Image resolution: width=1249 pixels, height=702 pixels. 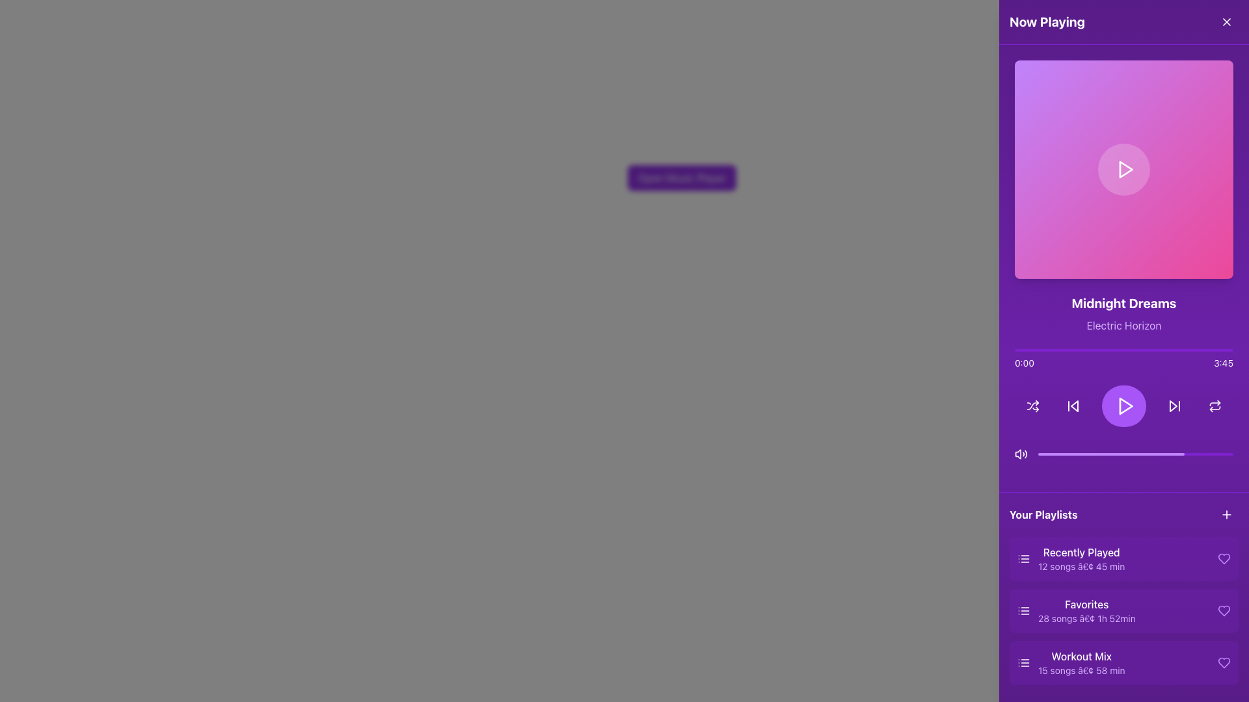 What do you see at coordinates (1123, 359) in the screenshot?
I see `time labels of the progress bar located below the title 'Midnight Dreams' and subtitle 'Electric Horizon', just above the playback controls in the 'Now Playing' panel` at bounding box center [1123, 359].